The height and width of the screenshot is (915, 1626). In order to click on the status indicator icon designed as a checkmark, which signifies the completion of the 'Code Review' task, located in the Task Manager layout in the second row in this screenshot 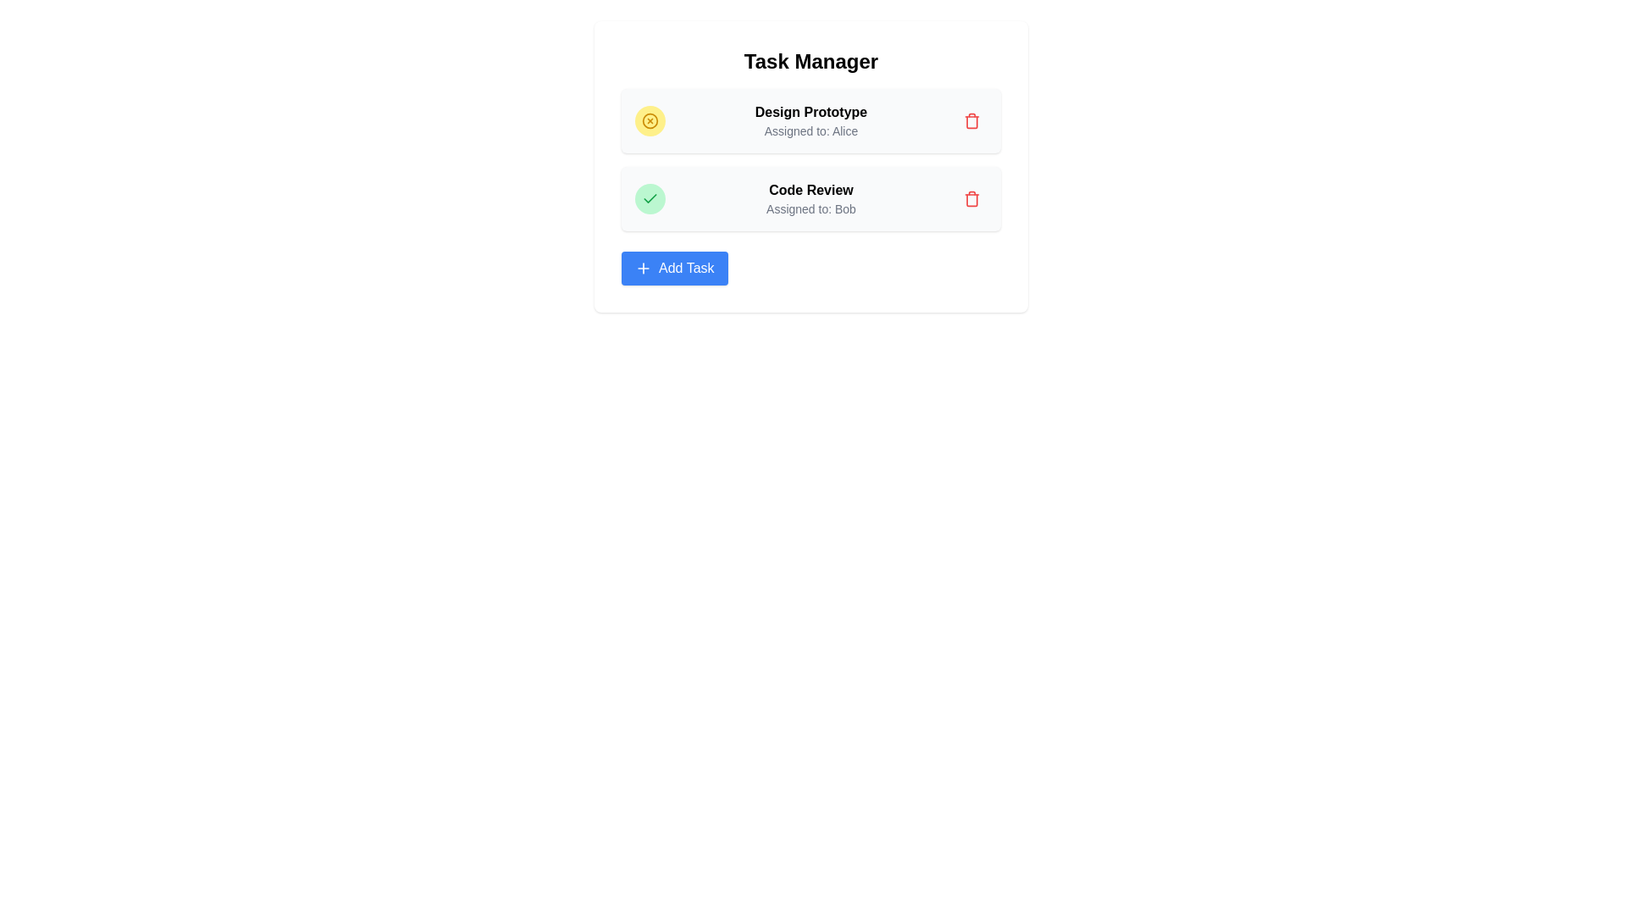, I will do `click(650, 198)`.